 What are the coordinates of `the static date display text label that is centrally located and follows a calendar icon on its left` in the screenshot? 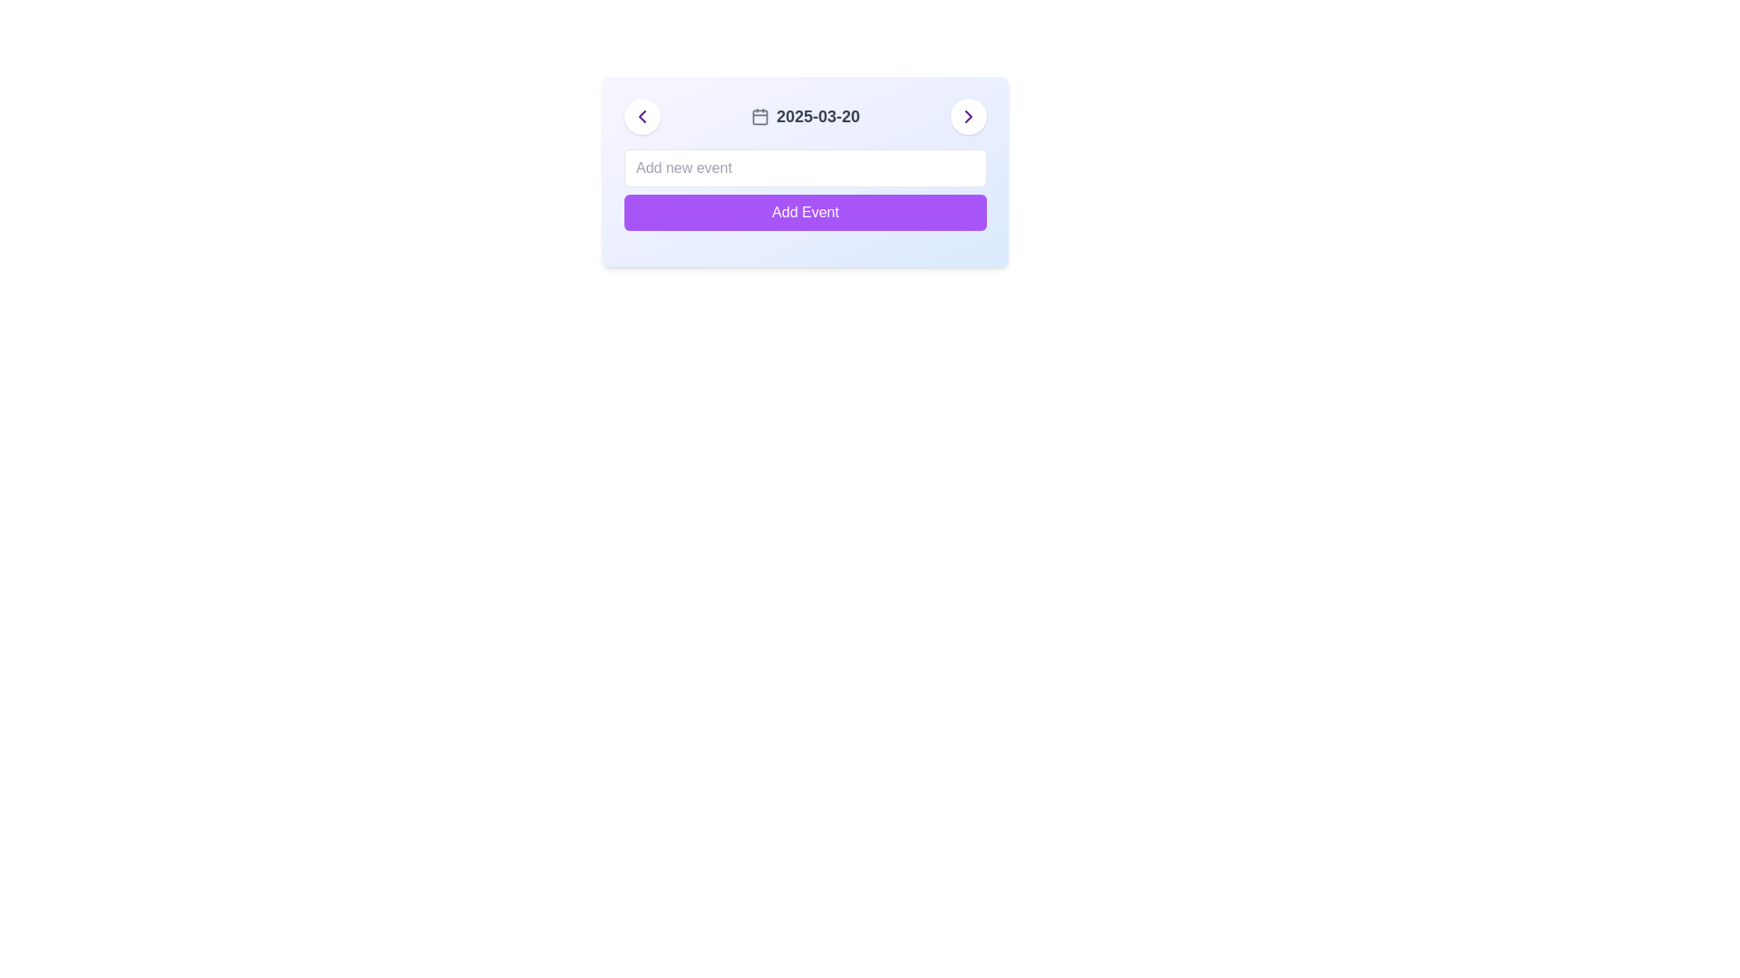 It's located at (817, 116).